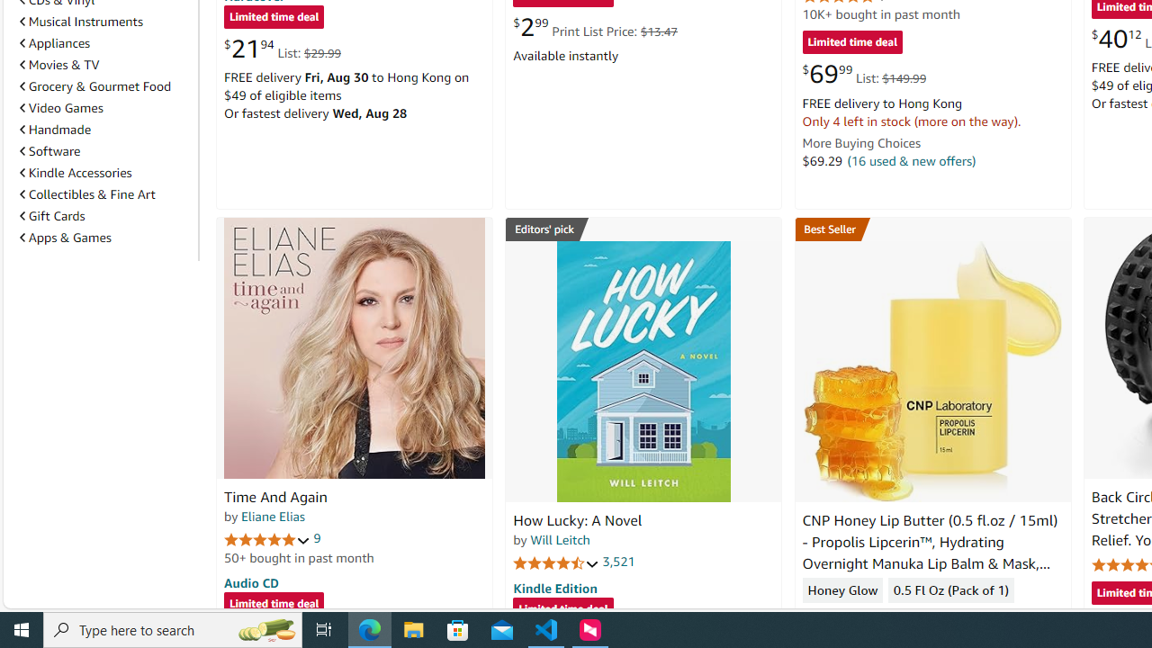  What do you see at coordinates (317, 536) in the screenshot?
I see `'9'` at bounding box center [317, 536].